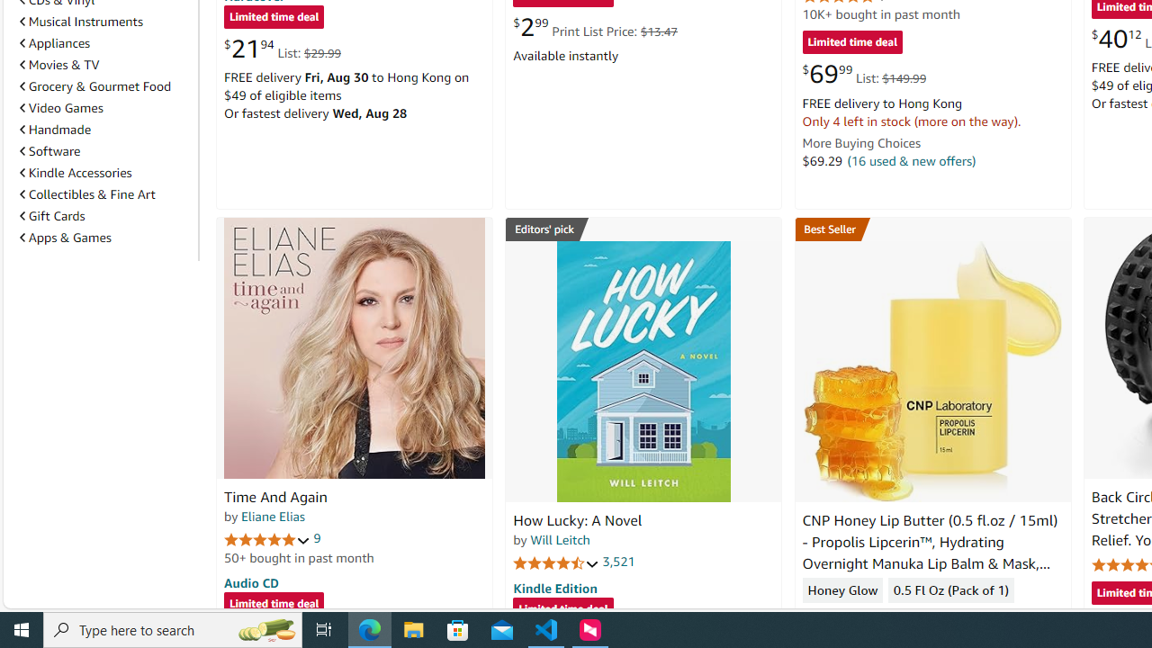  What do you see at coordinates (317, 536) in the screenshot?
I see `'9'` at bounding box center [317, 536].